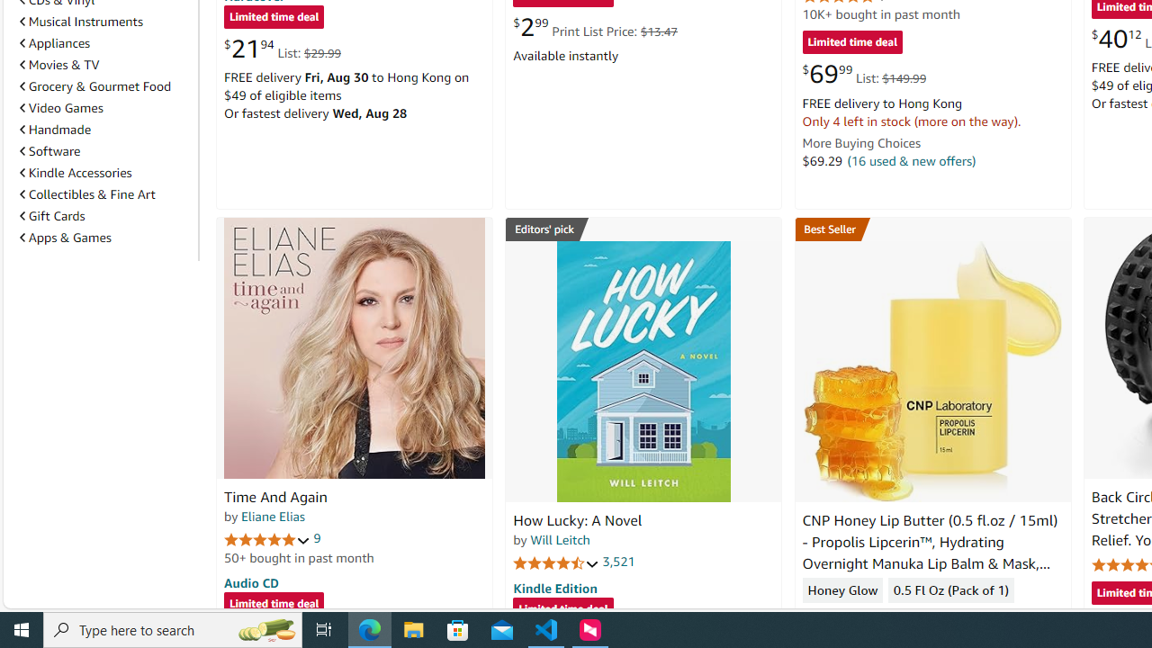  What do you see at coordinates (317, 536) in the screenshot?
I see `'9'` at bounding box center [317, 536].